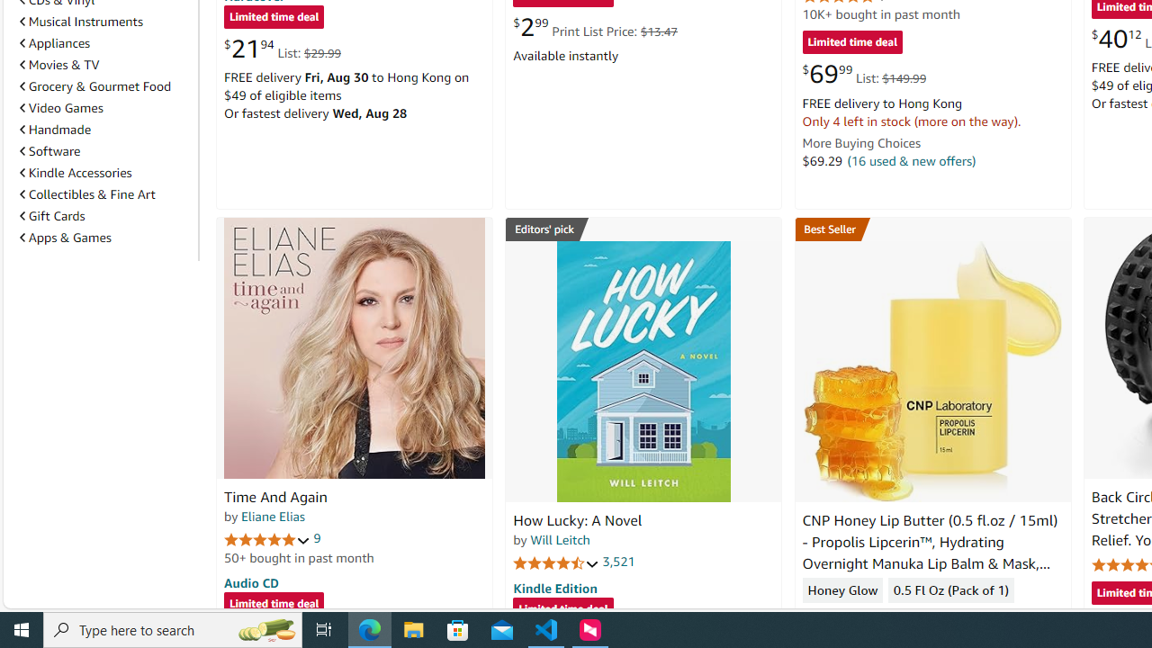  What do you see at coordinates (317, 536) in the screenshot?
I see `'9'` at bounding box center [317, 536].